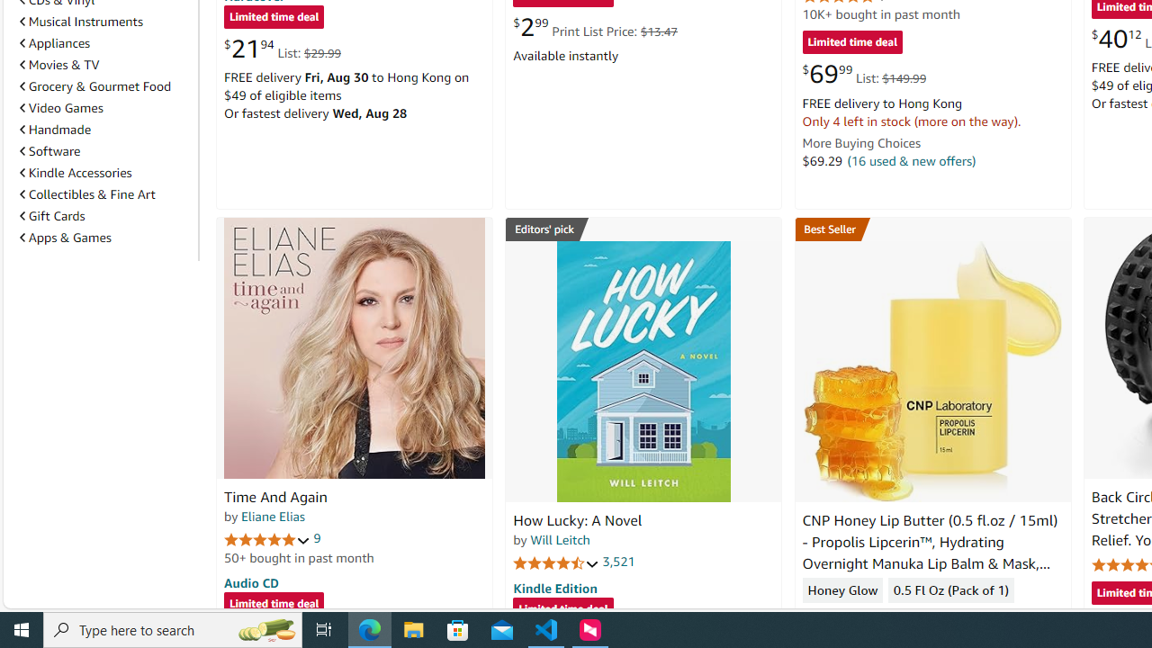  What do you see at coordinates (317, 536) in the screenshot?
I see `'9'` at bounding box center [317, 536].